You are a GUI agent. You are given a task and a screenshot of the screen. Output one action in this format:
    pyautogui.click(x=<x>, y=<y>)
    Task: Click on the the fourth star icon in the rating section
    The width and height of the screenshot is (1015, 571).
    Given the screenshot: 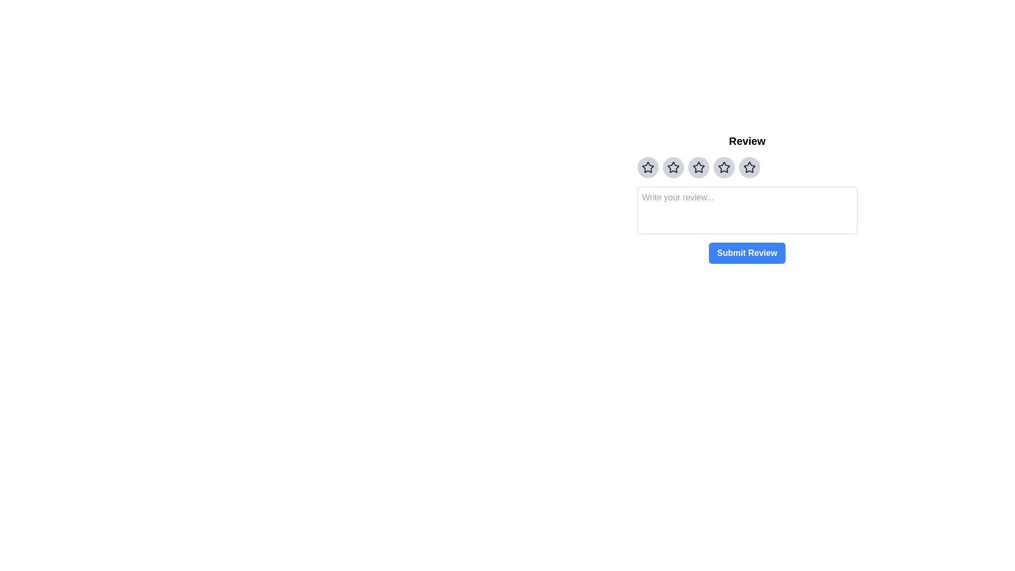 What is the action you would take?
    pyautogui.click(x=698, y=167)
    